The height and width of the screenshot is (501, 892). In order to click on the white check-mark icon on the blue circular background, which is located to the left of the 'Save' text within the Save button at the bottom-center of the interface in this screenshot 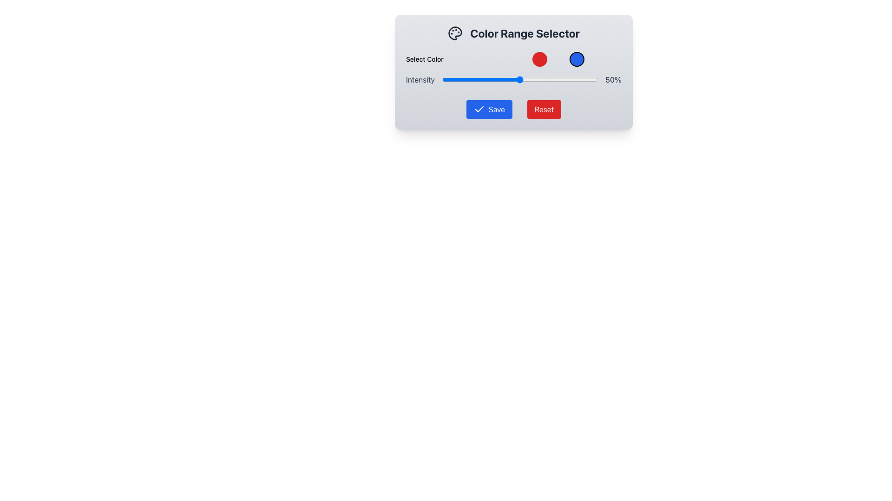, I will do `click(479, 109)`.